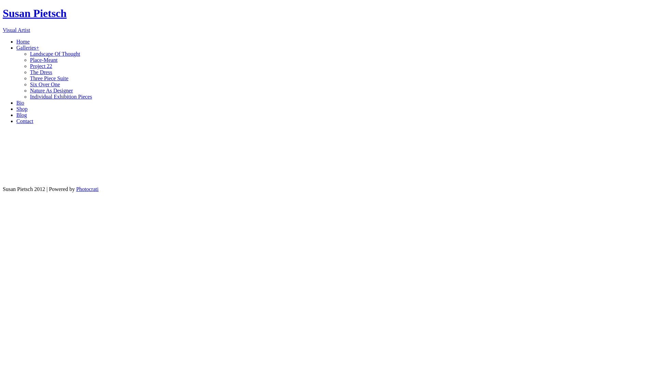  I want to click on 'Blog', so click(21, 115).